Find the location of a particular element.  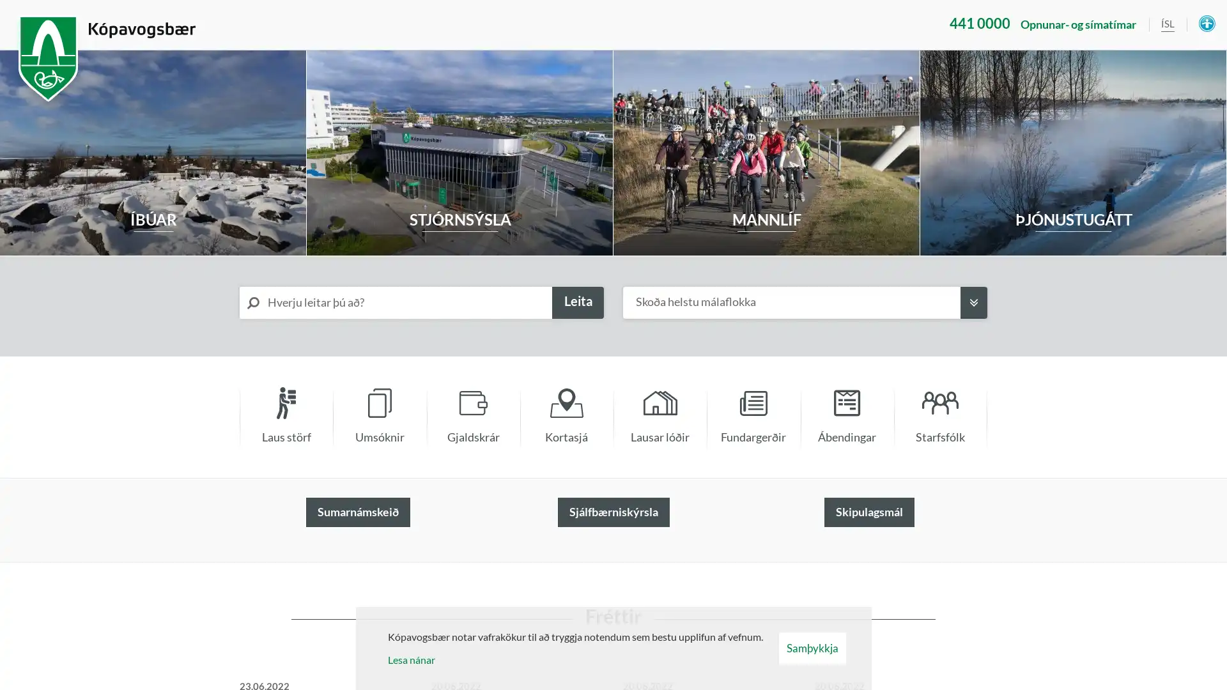

Samykkja vafrakokur is located at coordinates (811, 648).